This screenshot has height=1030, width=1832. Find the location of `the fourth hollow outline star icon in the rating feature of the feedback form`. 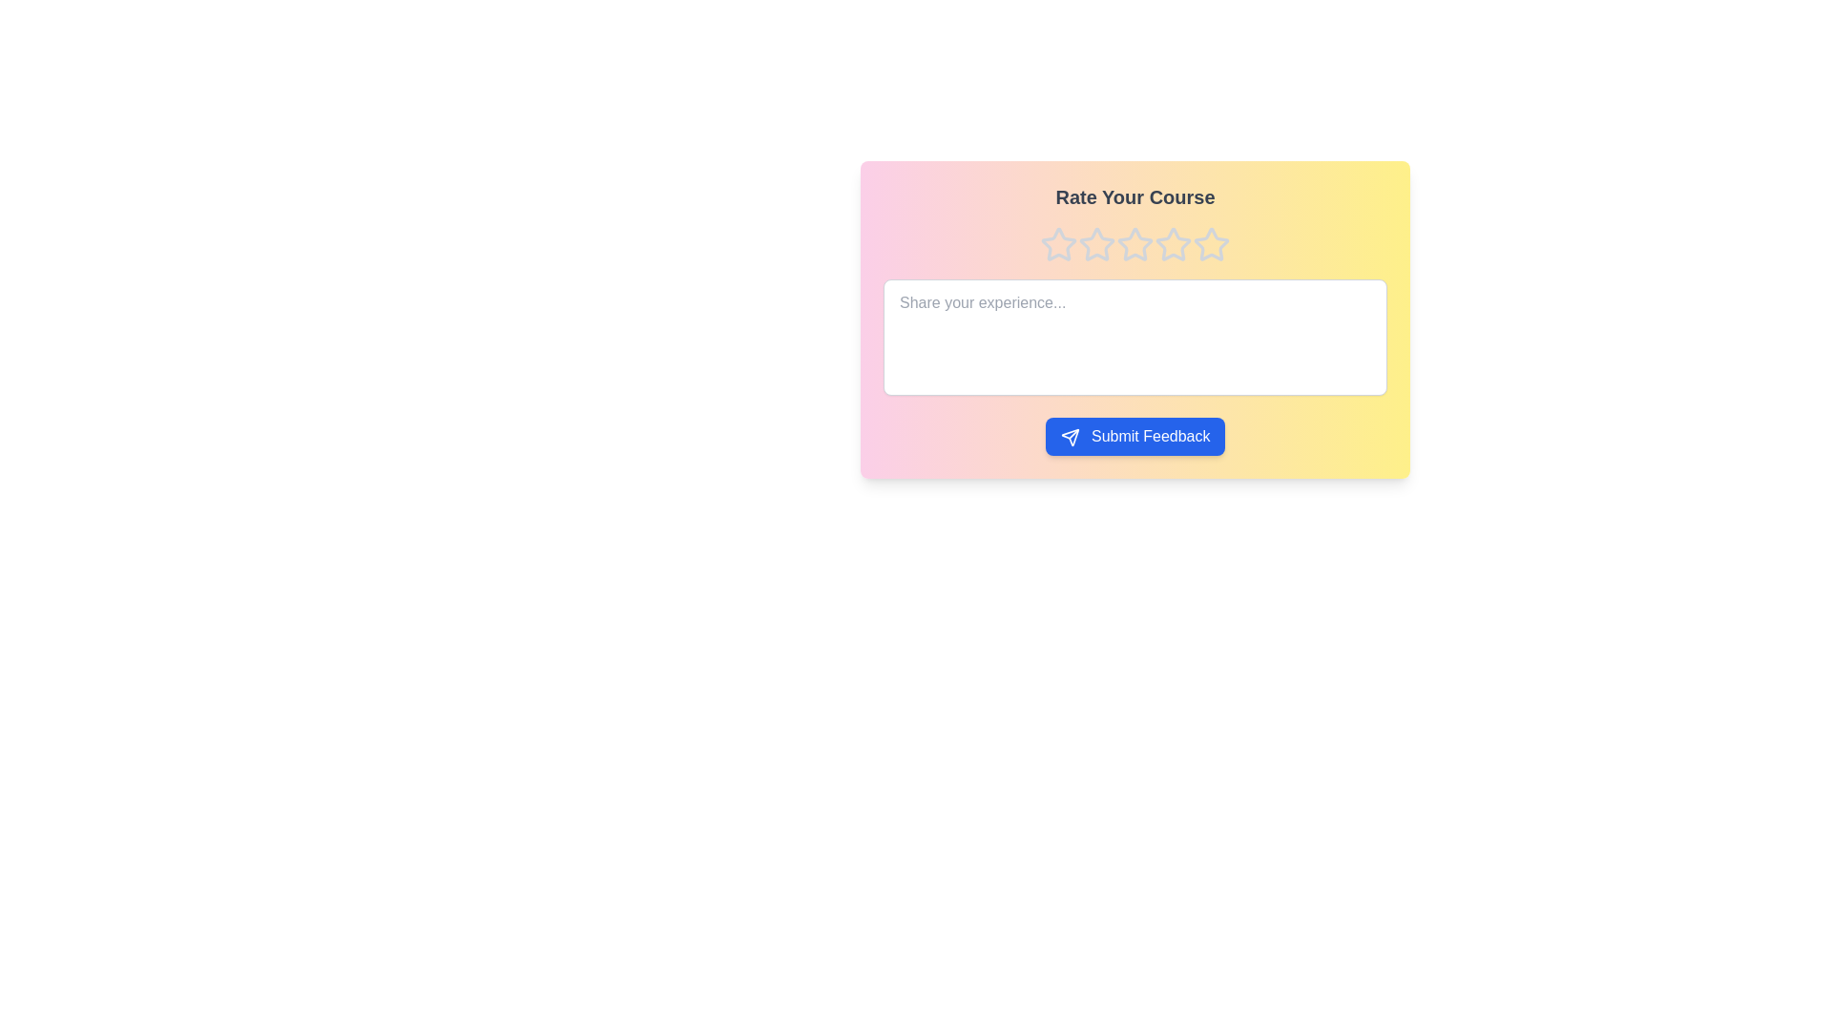

the fourth hollow outline star icon in the rating feature of the feedback form is located at coordinates (1172, 244).